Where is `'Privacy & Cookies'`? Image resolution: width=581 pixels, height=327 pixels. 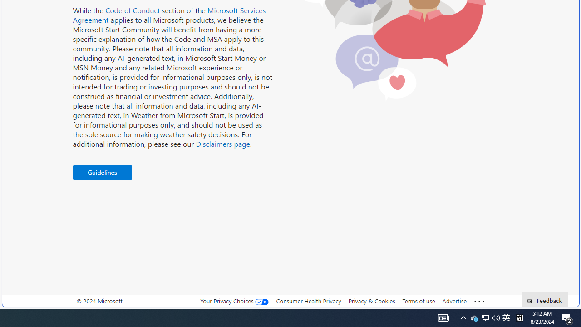
'Privacy & Cookies' is located at coordinates (371, 301).